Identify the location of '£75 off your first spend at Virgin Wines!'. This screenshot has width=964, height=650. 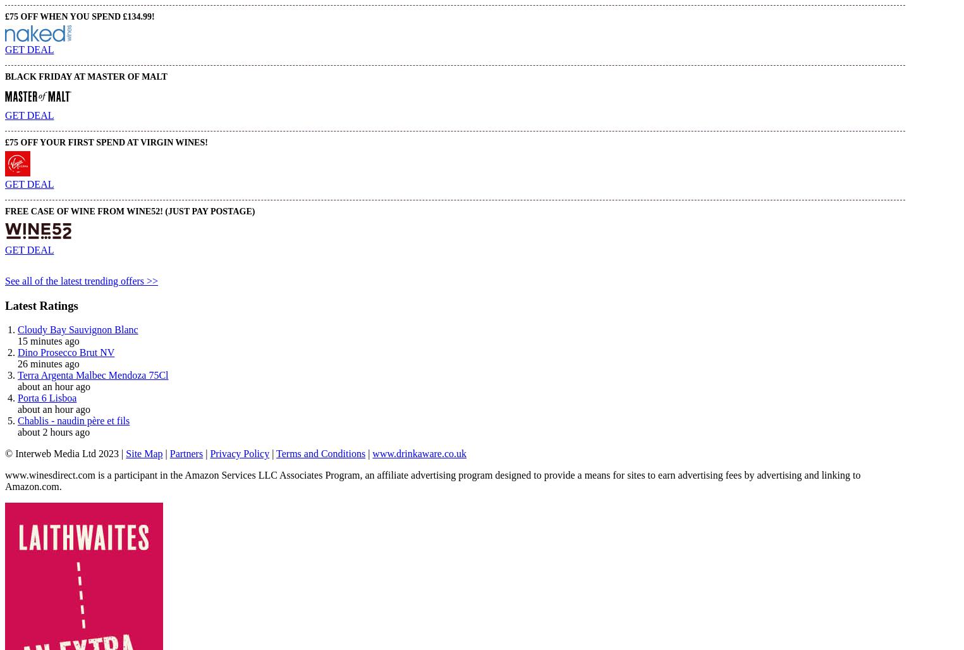
(106, 141).